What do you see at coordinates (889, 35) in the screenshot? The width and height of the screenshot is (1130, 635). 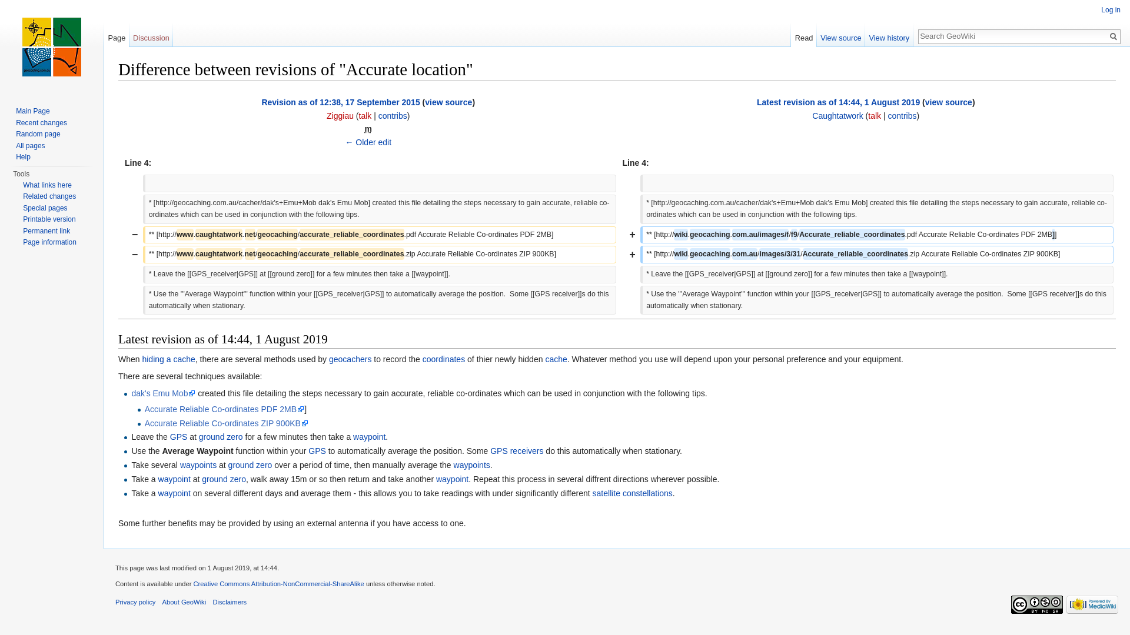 I see `'View history'` at bounding box center [889, 35].